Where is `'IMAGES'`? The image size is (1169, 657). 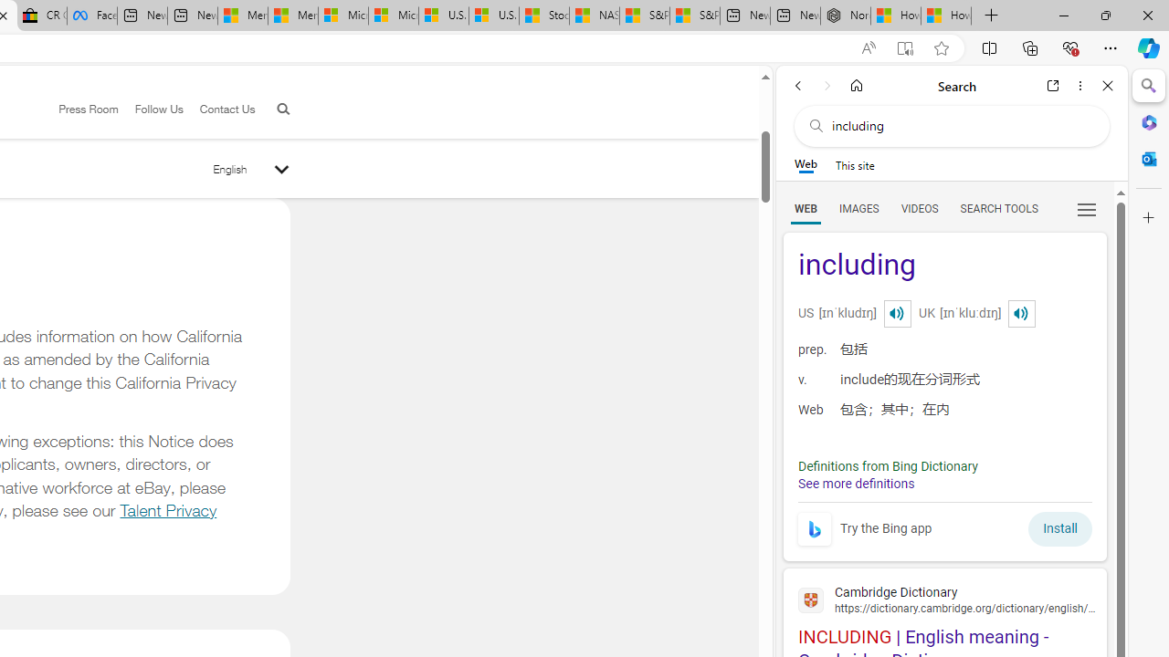 'IMAGES' is located at coordinates (858, 207).